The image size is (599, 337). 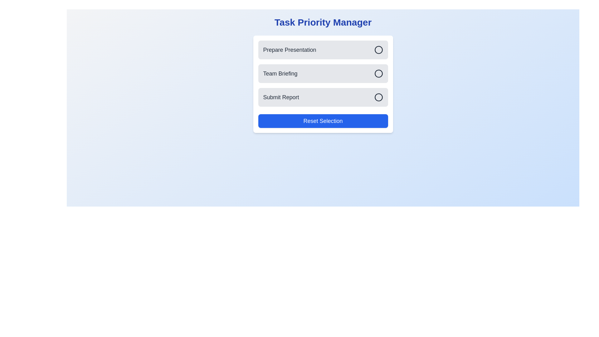 I want to click on the 'Reset Selection' button to reset all priorities to their default state, so click(x=323, y=121).